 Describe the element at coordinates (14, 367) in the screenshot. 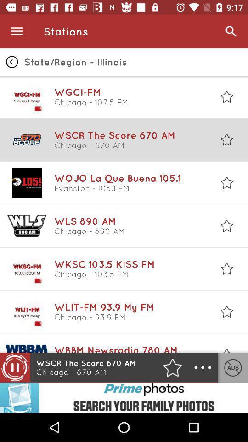

I see `the pause icon` at that location.